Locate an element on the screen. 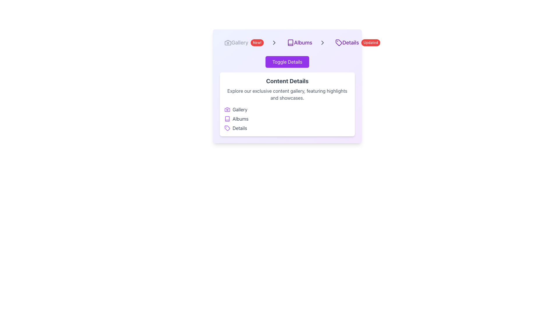 This screenshot has height=314, width=559. the 'Toggle Details' button, which is a rectangular button with rounded corners, a vibrant purple background, and white text, located above the 'Content Details' text block is located at coordinates (287, 62).